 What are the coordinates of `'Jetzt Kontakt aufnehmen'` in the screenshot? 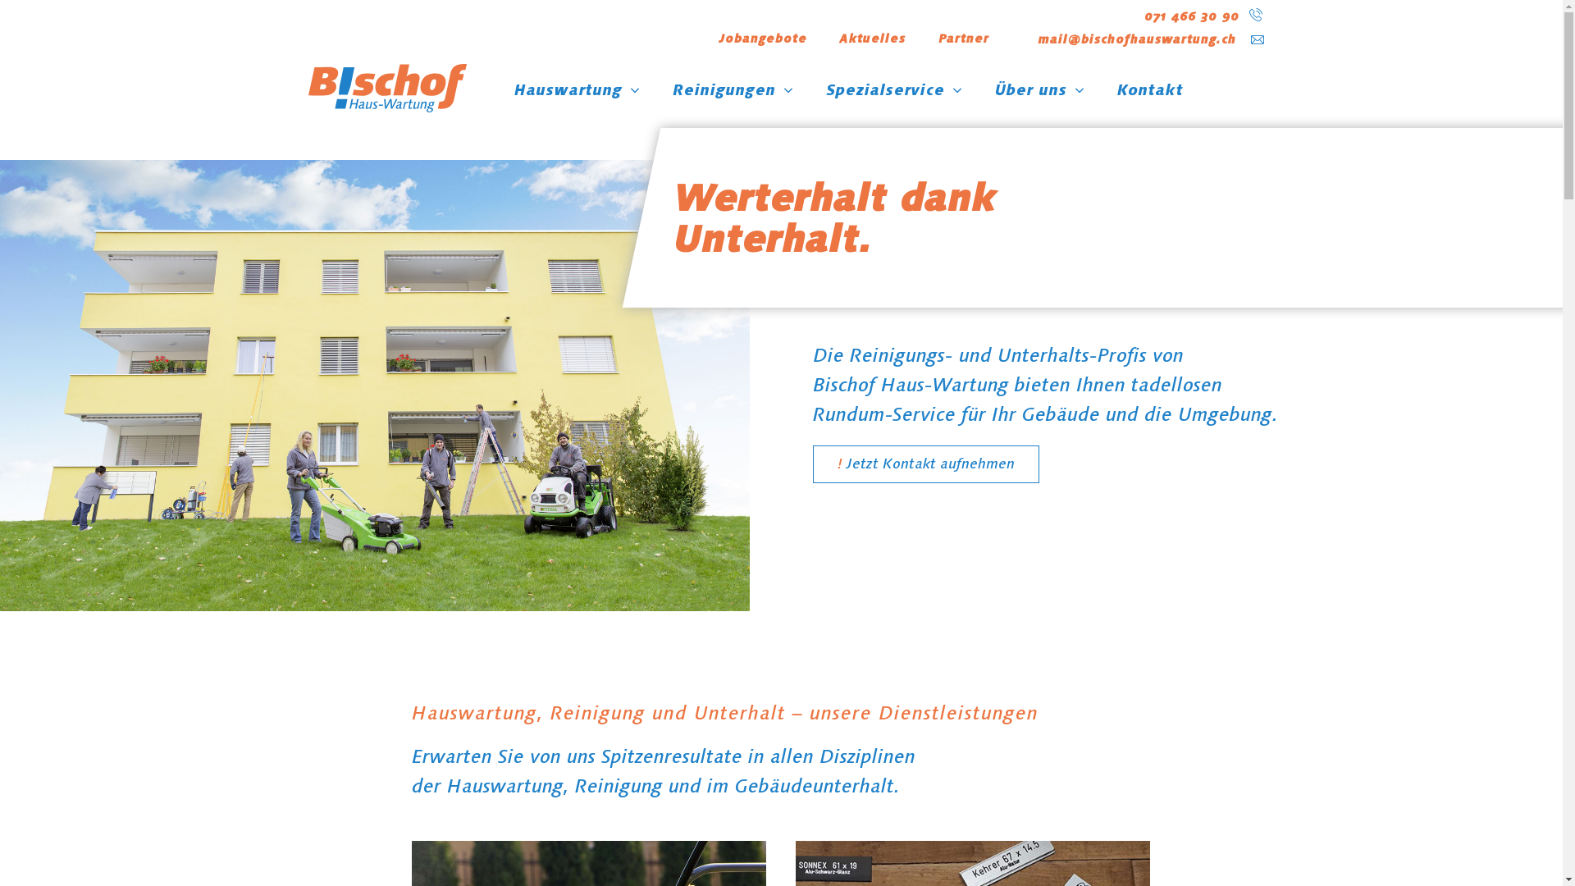 It's located at (925, 464).